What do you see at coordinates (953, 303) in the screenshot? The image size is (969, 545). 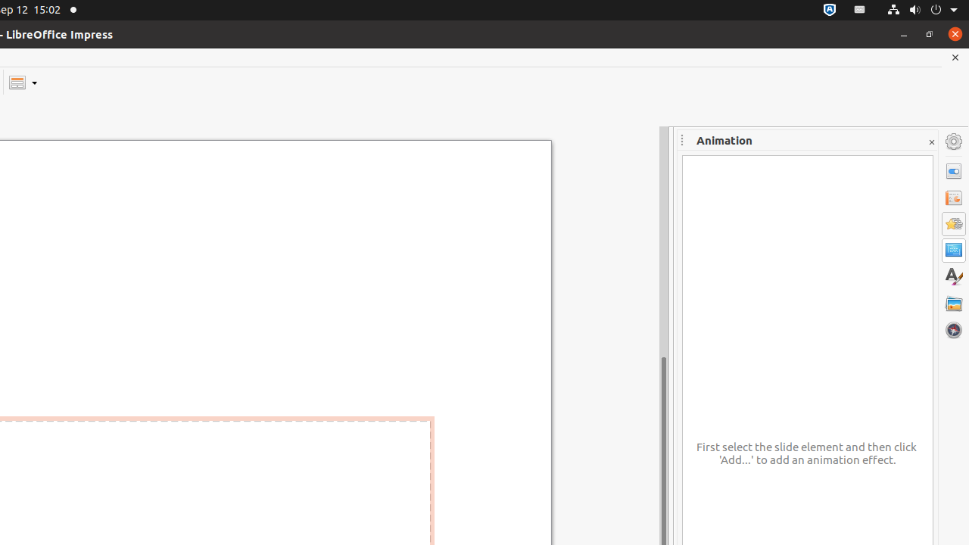 I see `'Gallery'` at bounding box center [953, 303].